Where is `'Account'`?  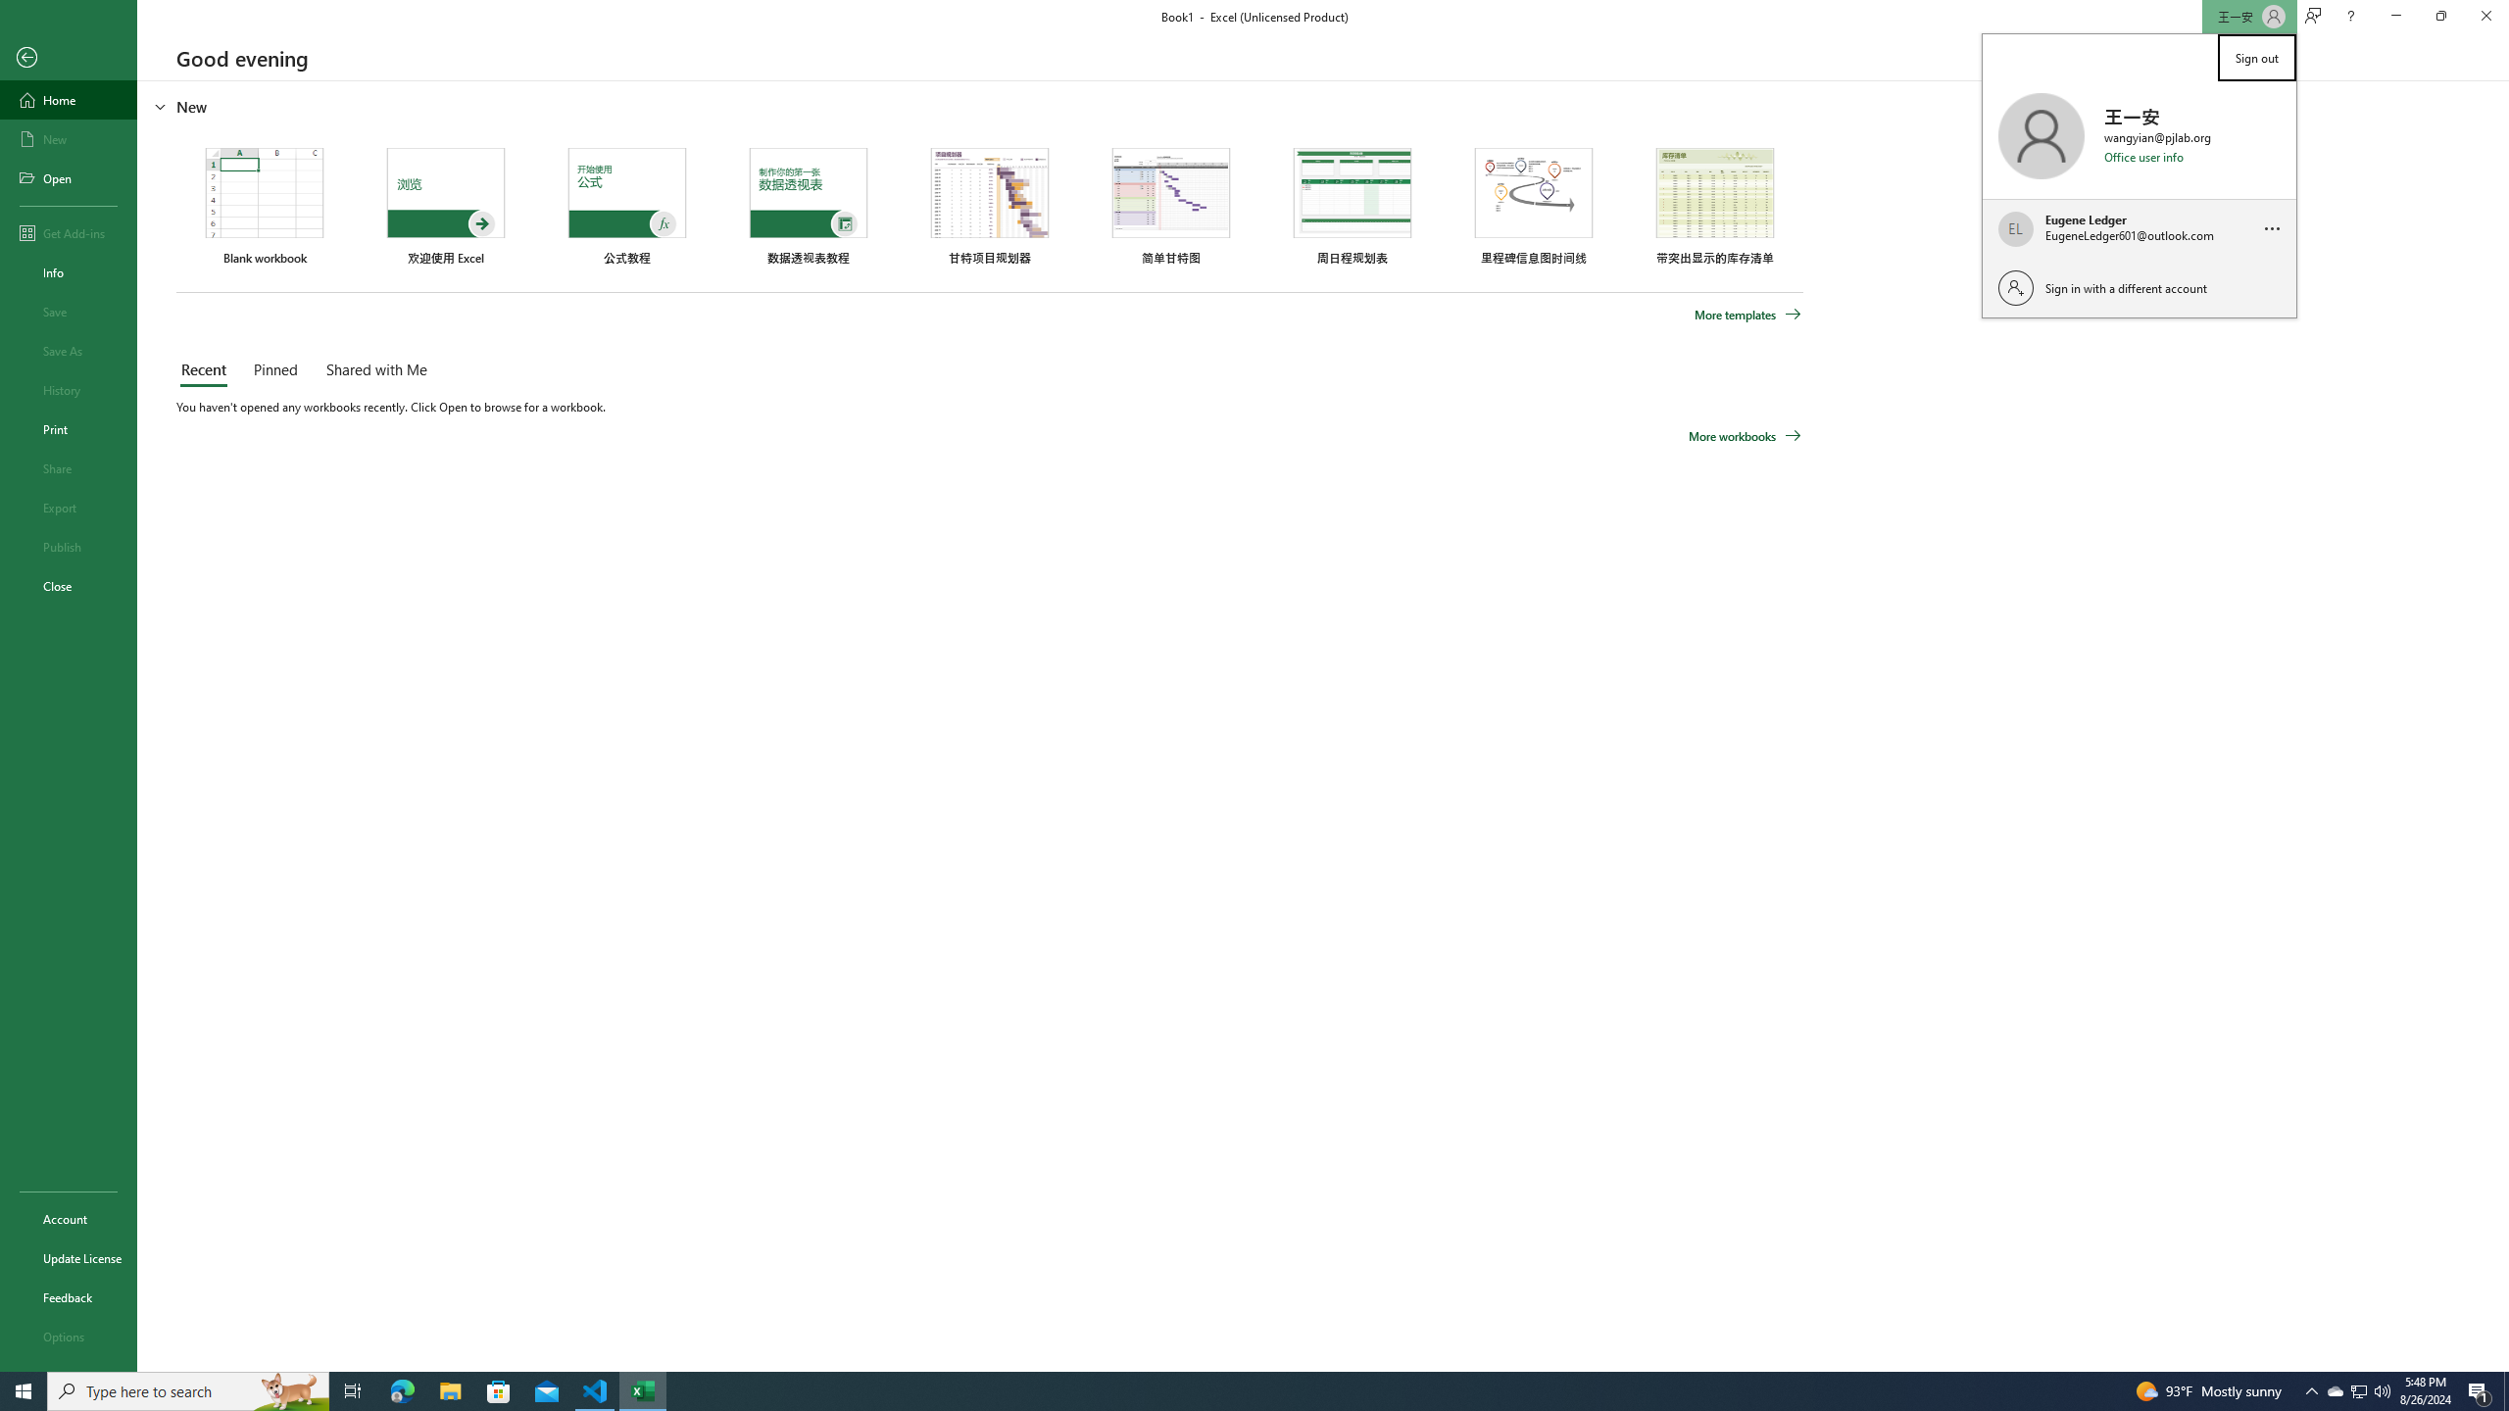
'Account' is located at coordinates (68, 1219).